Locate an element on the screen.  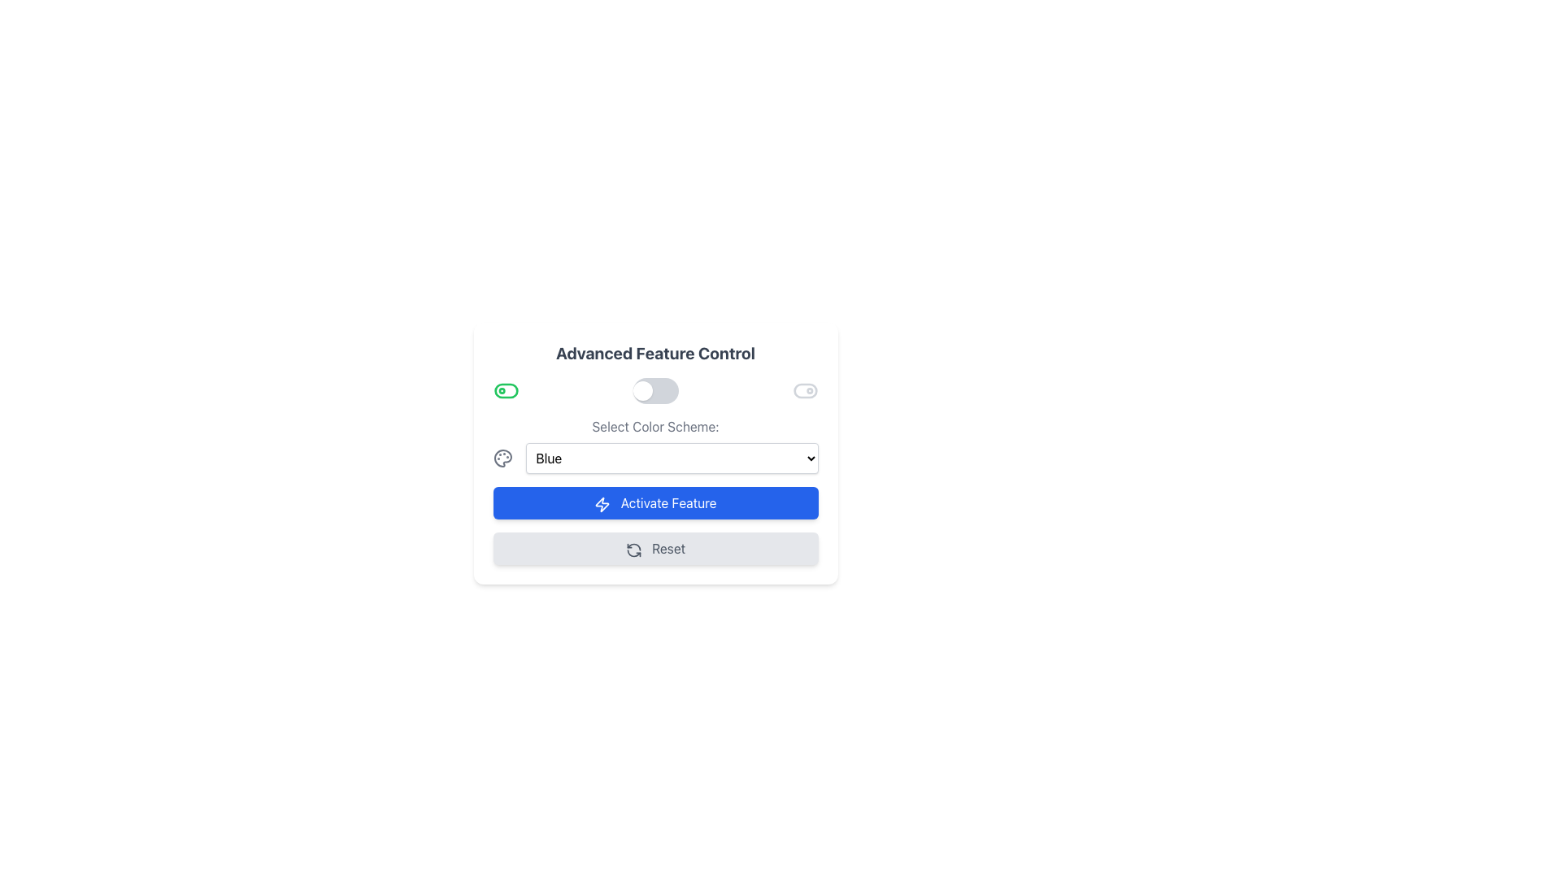
the text header that reads 'Advanced Feature Control', styled in bold, larger size, and dark gray color, located at the top of a card-like interface is located at coordinates (655, 353).